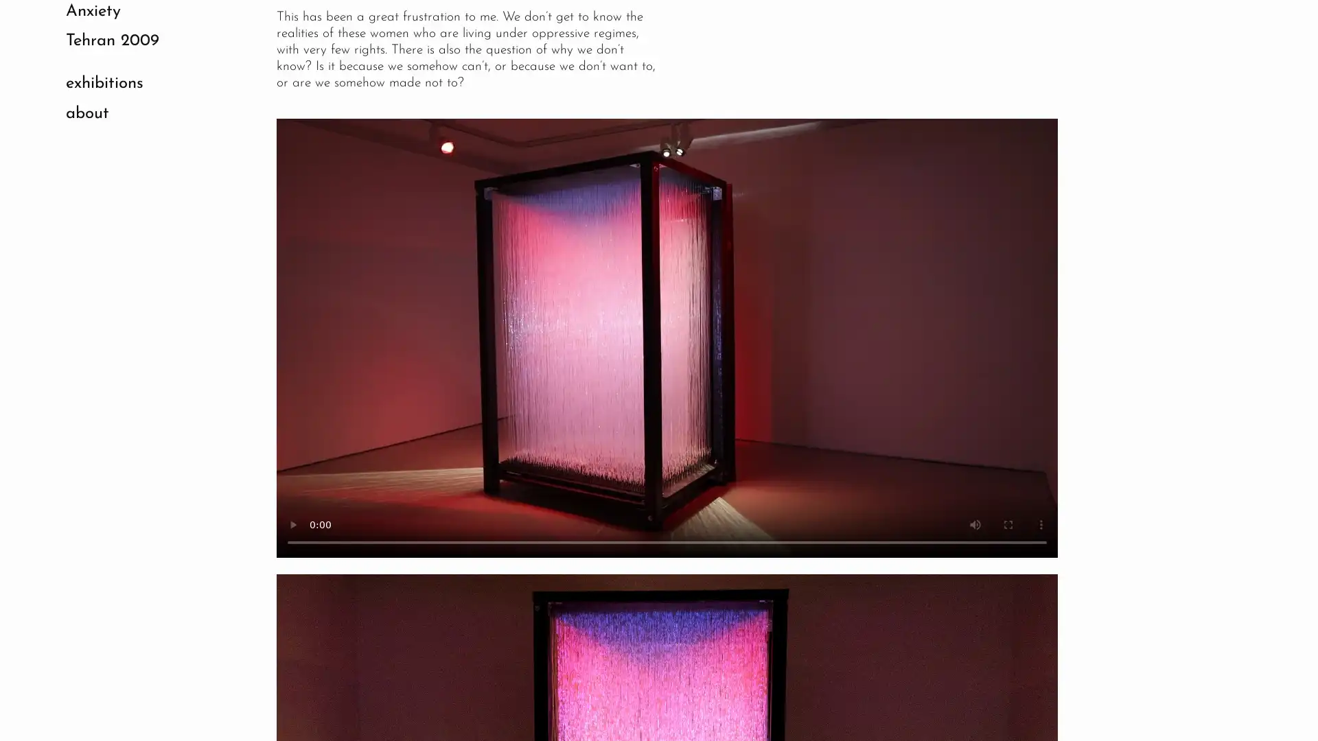 This screenshot has height=741, width=1318. Describe the element at coordinates (1041, 524) in the screenshot. I see `show more media controls` at that location.